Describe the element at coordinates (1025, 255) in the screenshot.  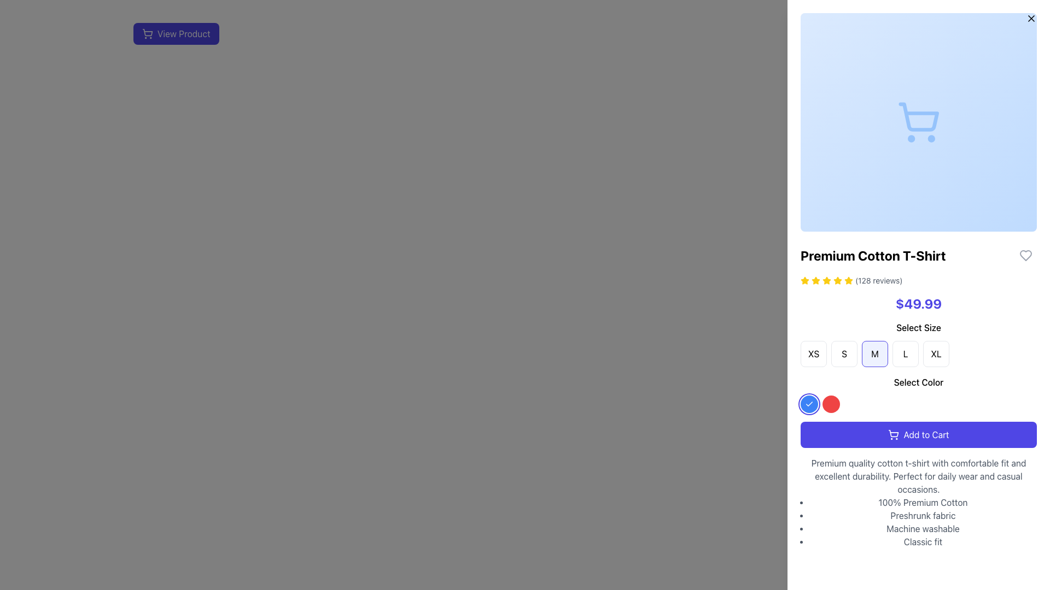
I see `the heart-shaped icon located at the top-right corner of the product description area to favorite the product` at that location.